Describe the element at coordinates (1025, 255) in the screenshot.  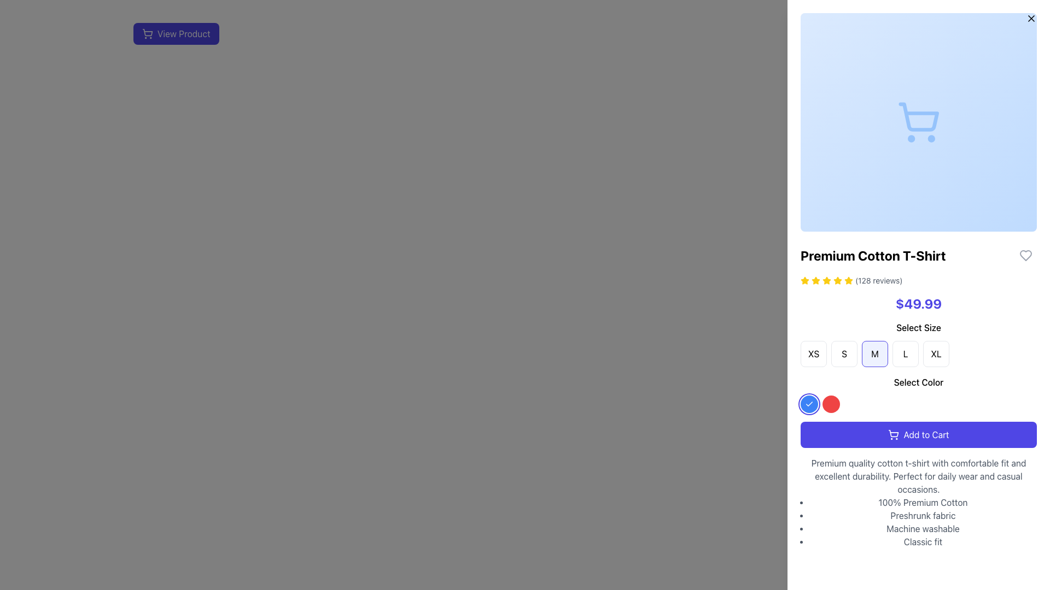
I see `the heart-shaped icon located at the top-right corner of the product description area to favorite the product` at that location.